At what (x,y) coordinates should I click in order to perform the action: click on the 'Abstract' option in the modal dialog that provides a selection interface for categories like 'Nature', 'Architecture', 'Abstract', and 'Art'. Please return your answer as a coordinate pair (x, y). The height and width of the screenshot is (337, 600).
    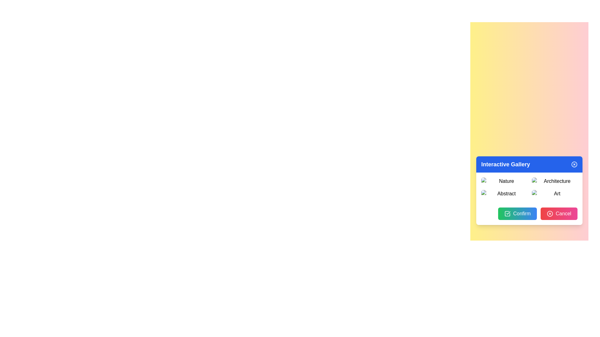
    Looking at the image, I should click on (529, 190).